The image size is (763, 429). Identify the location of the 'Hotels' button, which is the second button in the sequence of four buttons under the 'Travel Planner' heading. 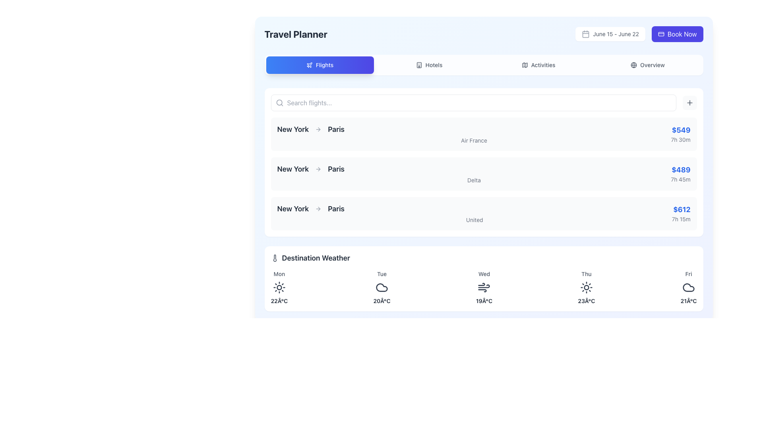
(429, 65).